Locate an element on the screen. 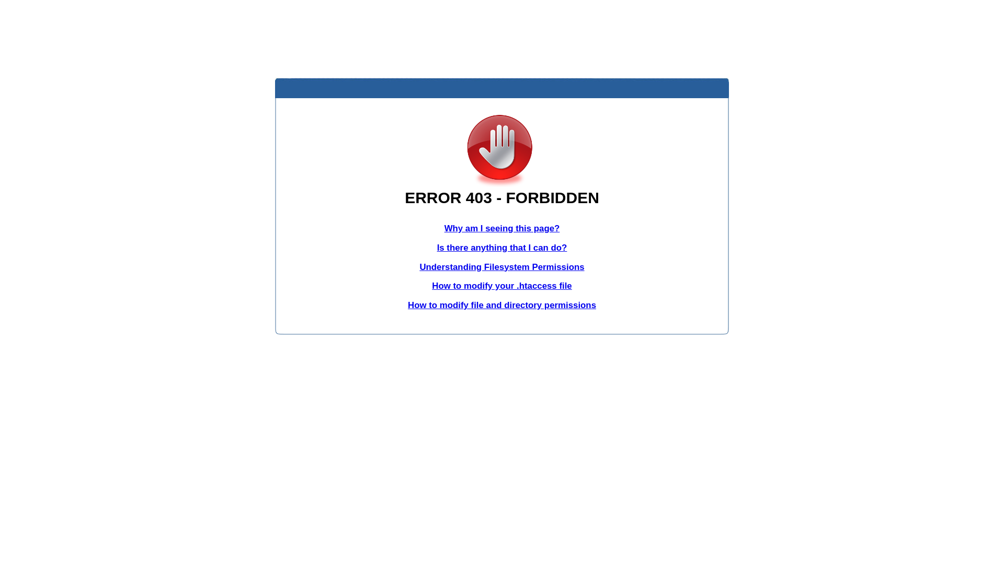 This screenshot has height=564, width=1004. 'Understanding Filesystem Permissions' is located at coordinates (501, 266).